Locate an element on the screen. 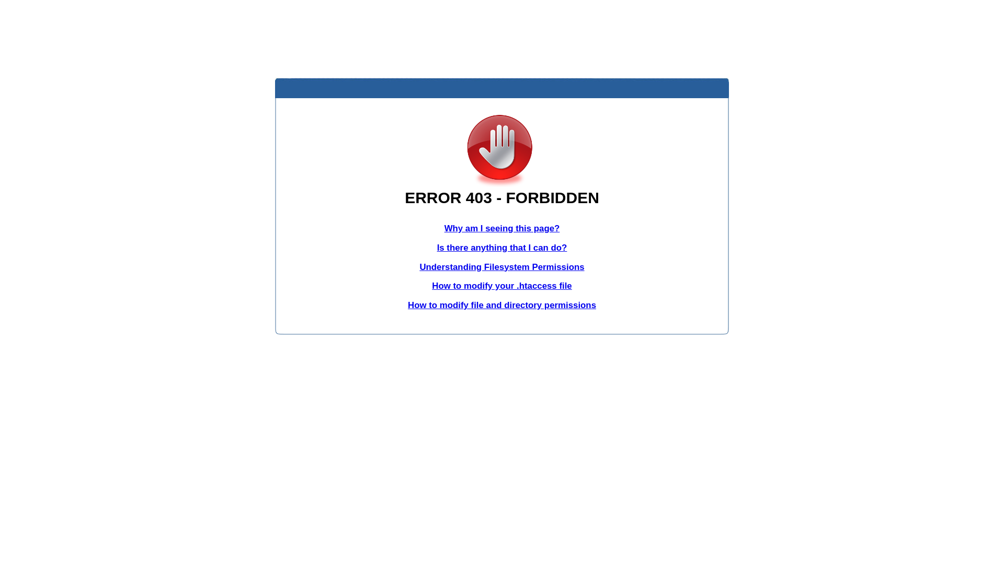 This screenshot has height=564, width=1004. 'Understanding Filesystem Permissions' is located at coordinates (501, 266).